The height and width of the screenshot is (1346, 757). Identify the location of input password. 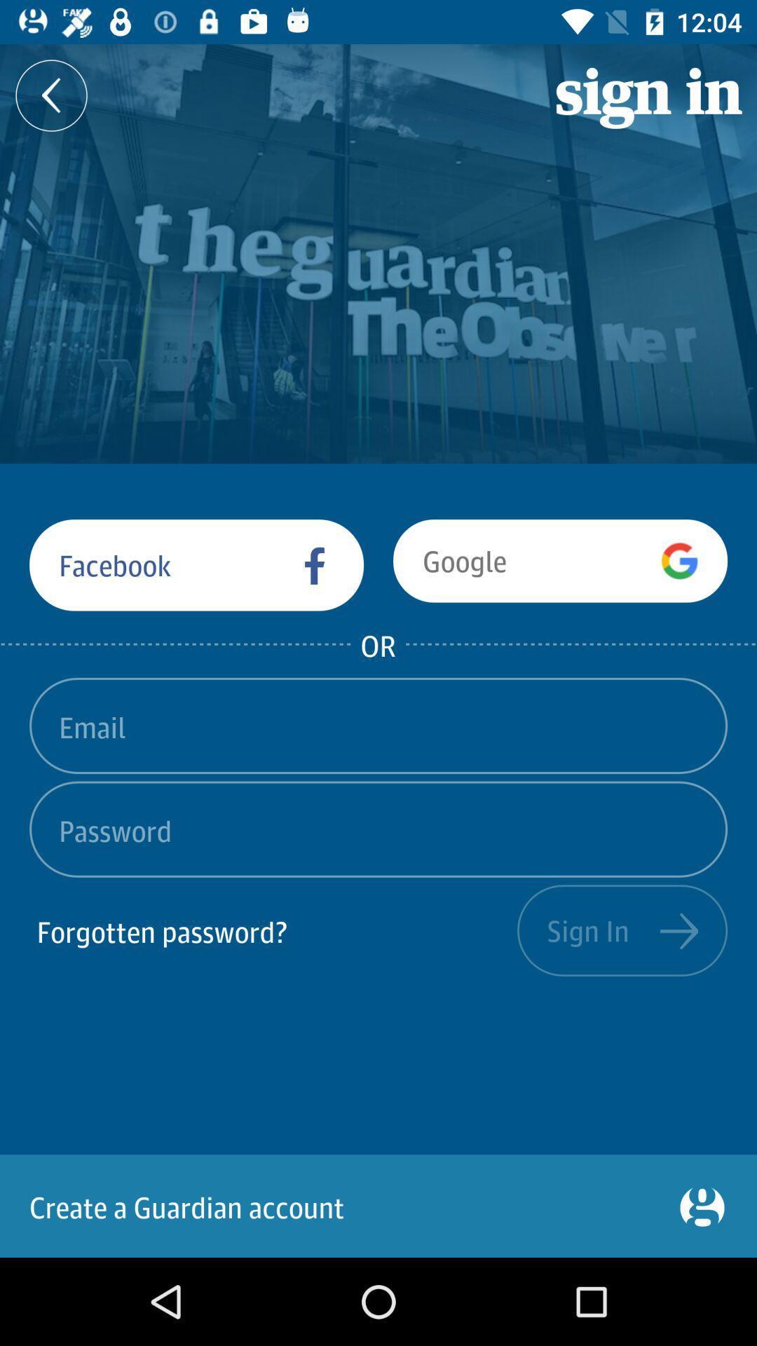
(378, 829).